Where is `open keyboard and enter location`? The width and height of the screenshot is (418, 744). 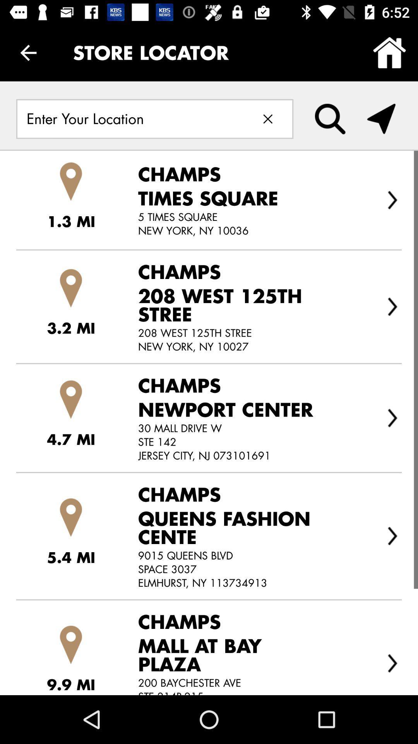 open keyboard and enter location is located at coordinates (130, 119).